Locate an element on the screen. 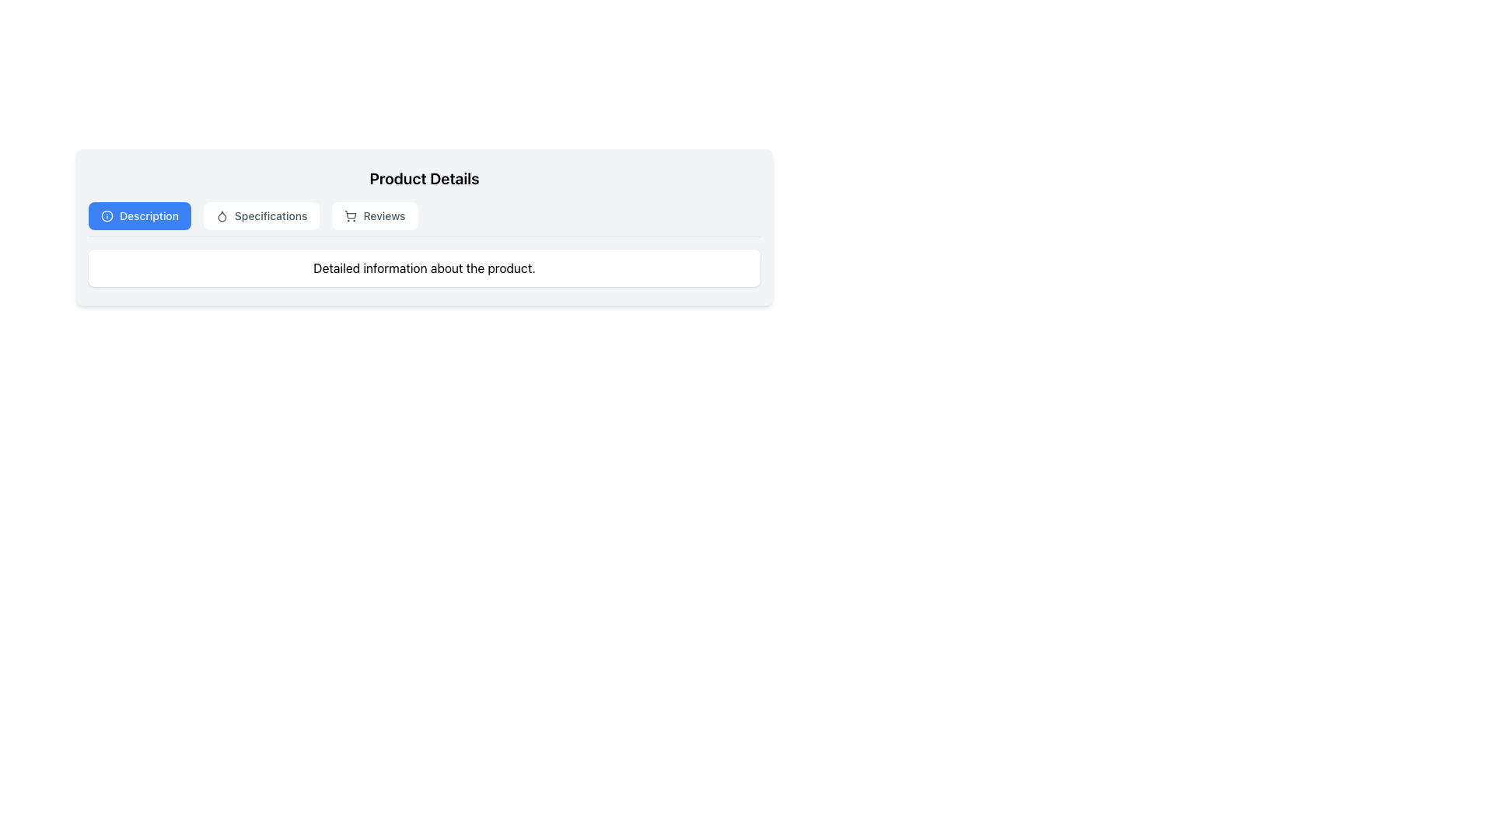  text label indicating the section related to product reviews, which is positioned to the immediate right of the cart icon in the upper middle area of the navigation bar is located at coordinates (384, 215).